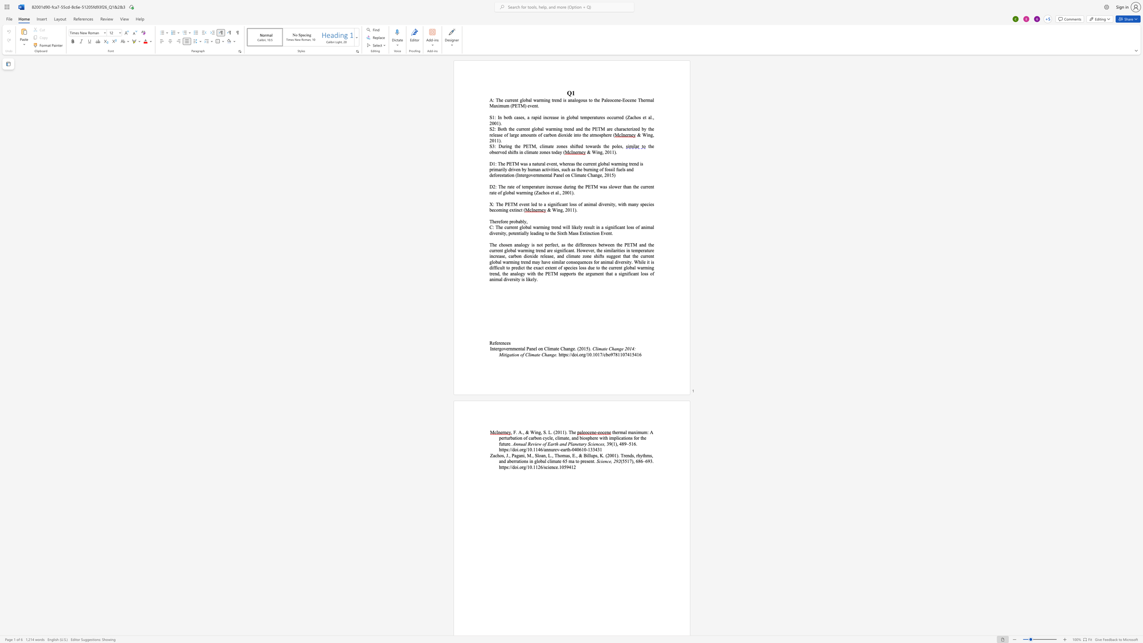 The width and height of the screenshot is (1143, 643). Describe the element at coordinates (507, 221) in the screenshot. I see `the 3th character "e" in the text` at that location.